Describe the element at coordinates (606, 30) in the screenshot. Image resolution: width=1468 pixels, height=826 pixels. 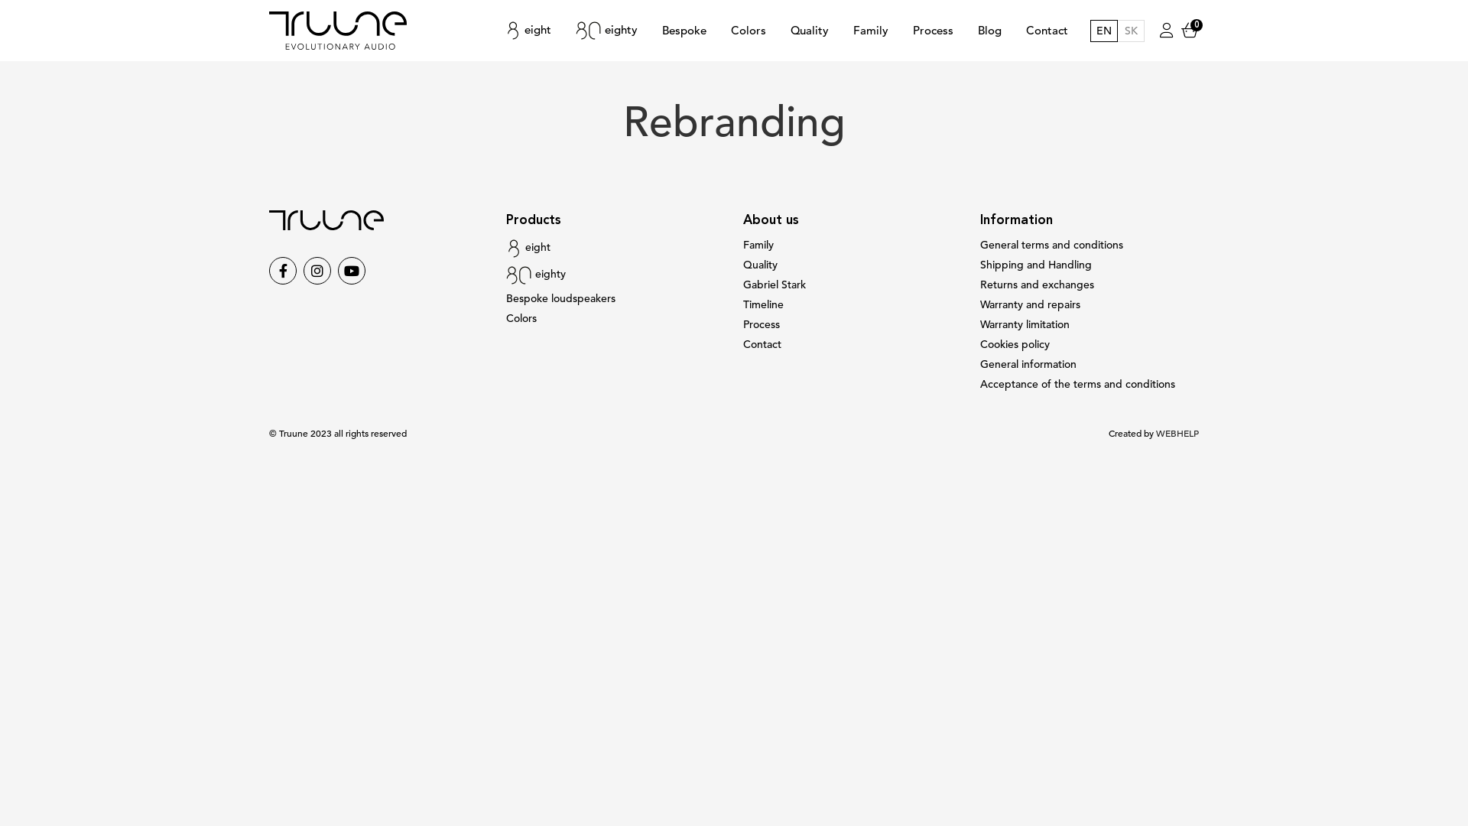
I see `'eighty'` at that location.